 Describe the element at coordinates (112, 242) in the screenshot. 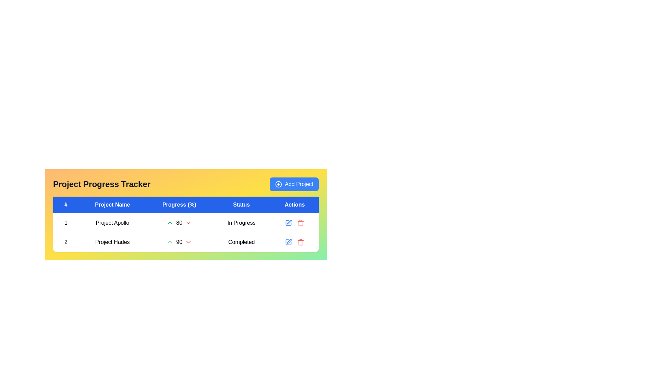

I see `the Text Label displaying 'Project Hades' located in the second row under the 'Project Name' column of the 'Project Progress Tracker' interface` at that location.